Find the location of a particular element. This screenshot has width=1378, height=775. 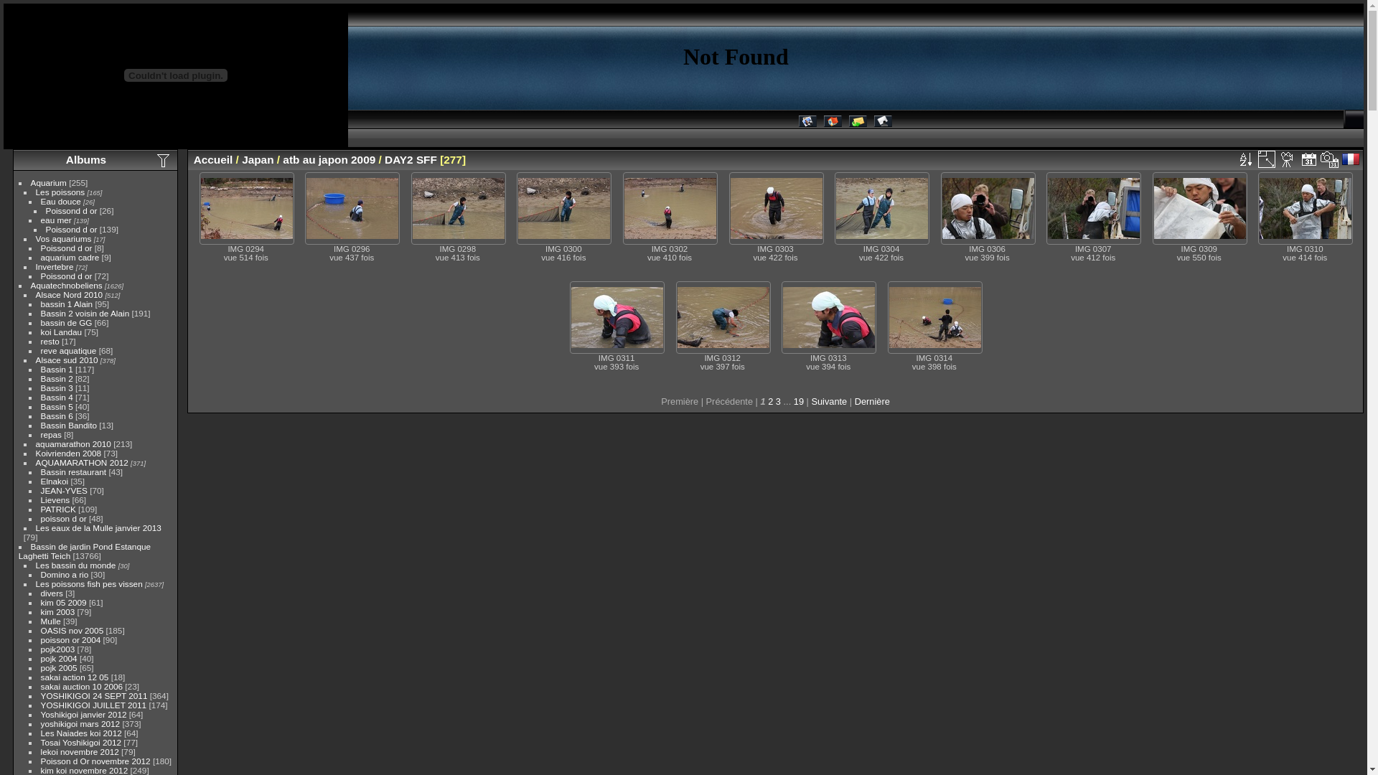

'sakai auction 10 2006' is located at coordinates (41, 685).